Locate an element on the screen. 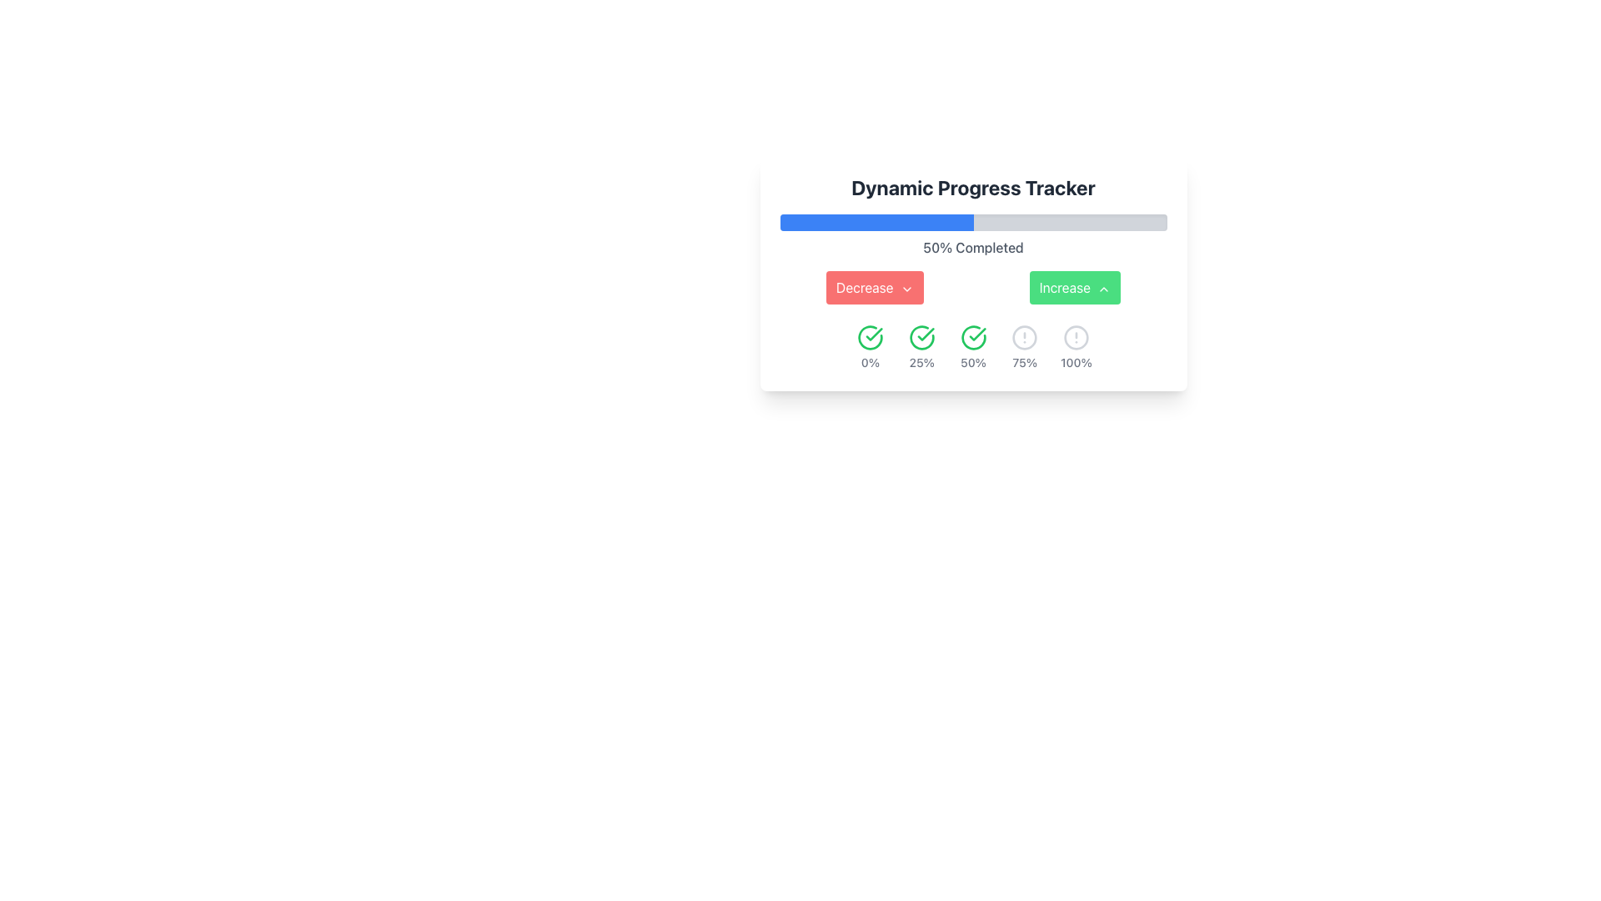 Image resolution: width=1601 pixels, height=901 pixels. the status represented by the first circular green icon with a checkmark in the progress tracking panel, located above '0%' is located at coordinates (869, 338).